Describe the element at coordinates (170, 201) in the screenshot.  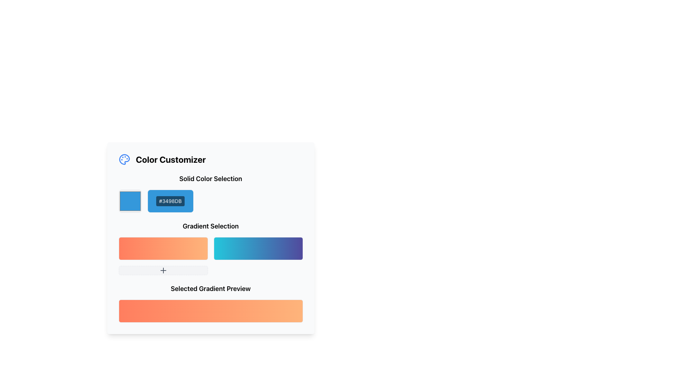
I see `the Text Label that displays the hexadecimal code of the selected solid color, located within the blue rectangular block in the 'Solid Color Selection' section` at that location.